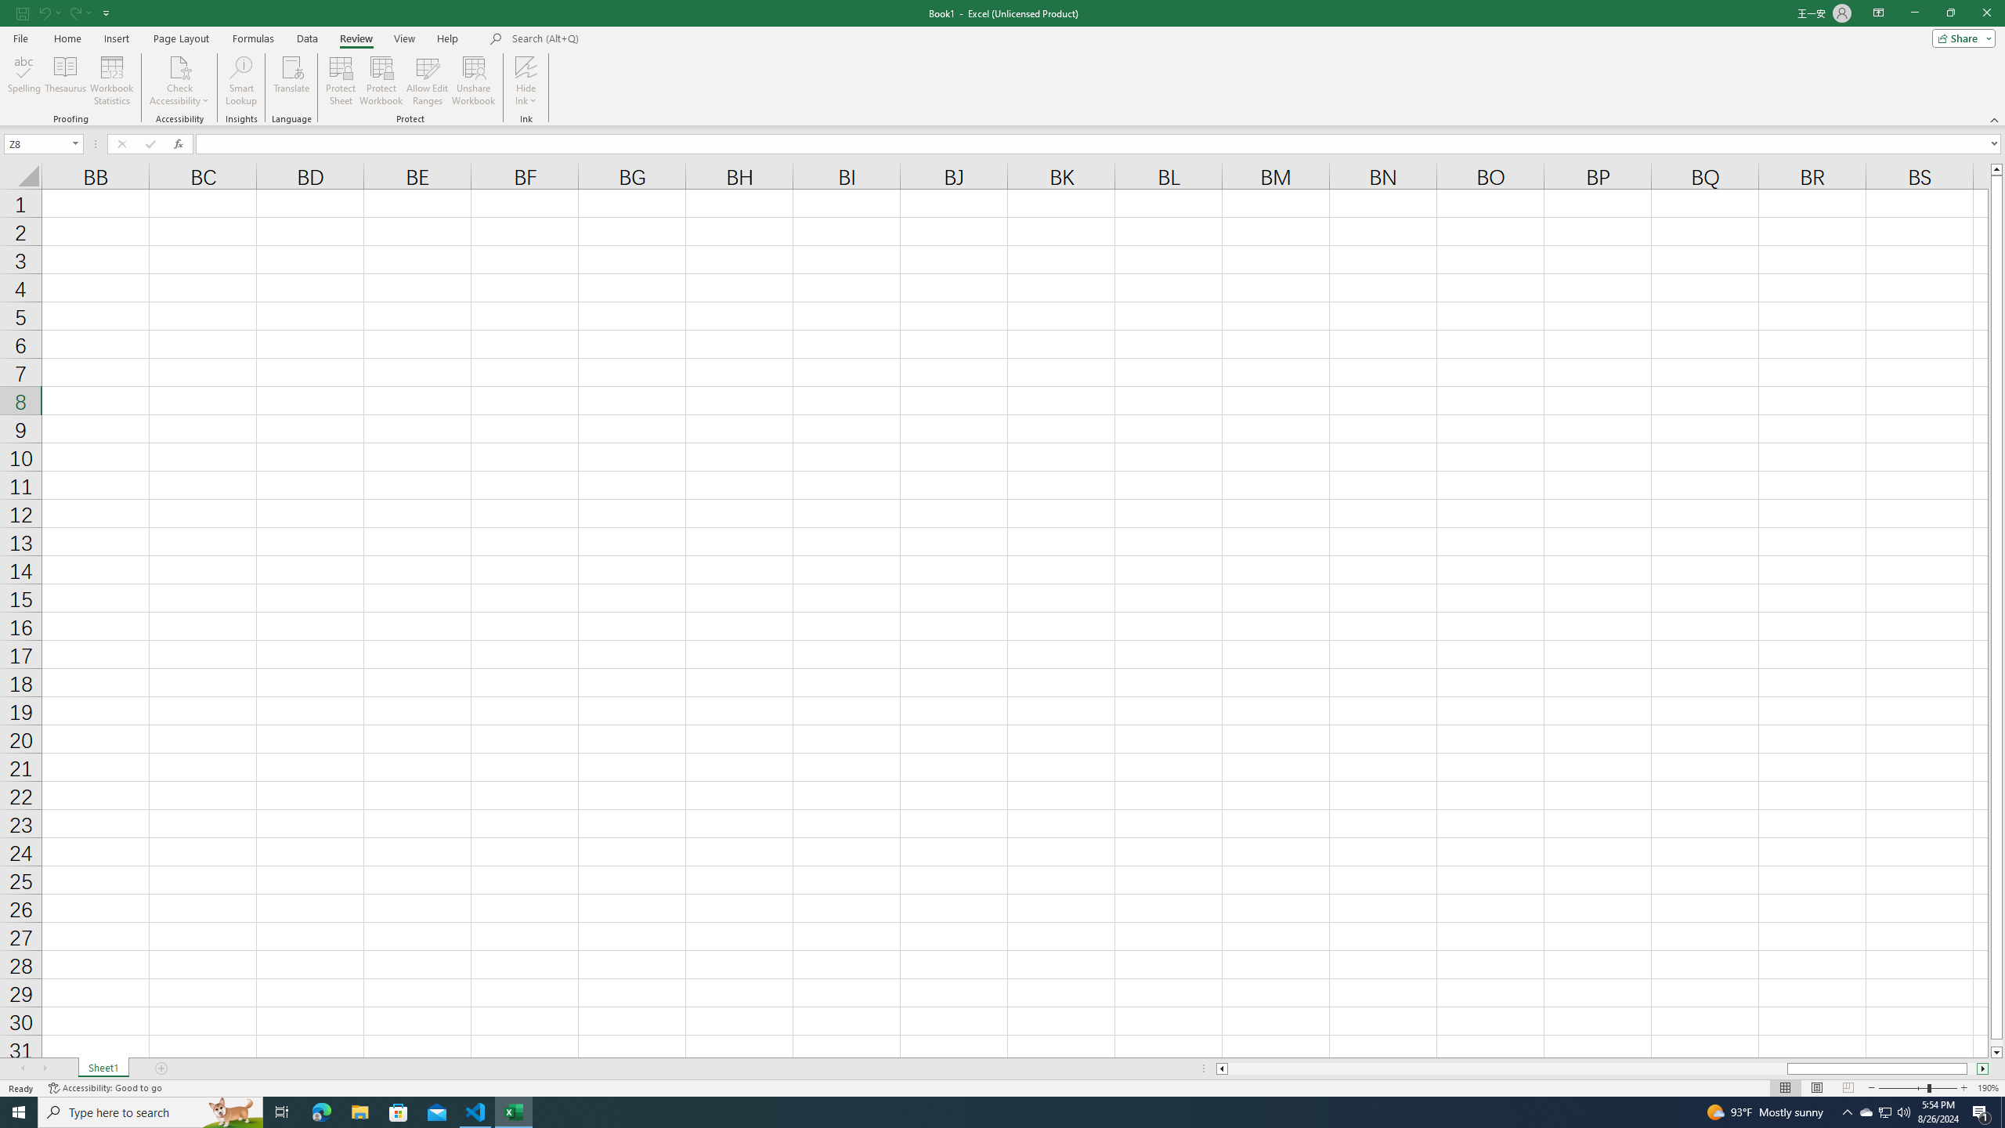 Image resolution: width=2005 pixels, height=1128 pixels. What do you see at coordinates (341, 81) in the screenshot?
I see `'Protect Sheet...'` at bounding box center [341, 81].